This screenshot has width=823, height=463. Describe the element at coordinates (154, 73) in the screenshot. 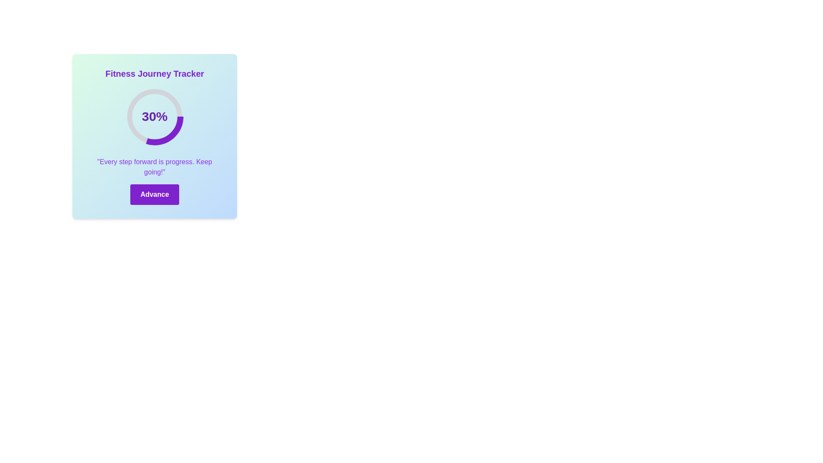

I see `prominent text label displaying 'Fitness Journey Tracker' in bold, extra-large purple font located at the top of the card` at that location.